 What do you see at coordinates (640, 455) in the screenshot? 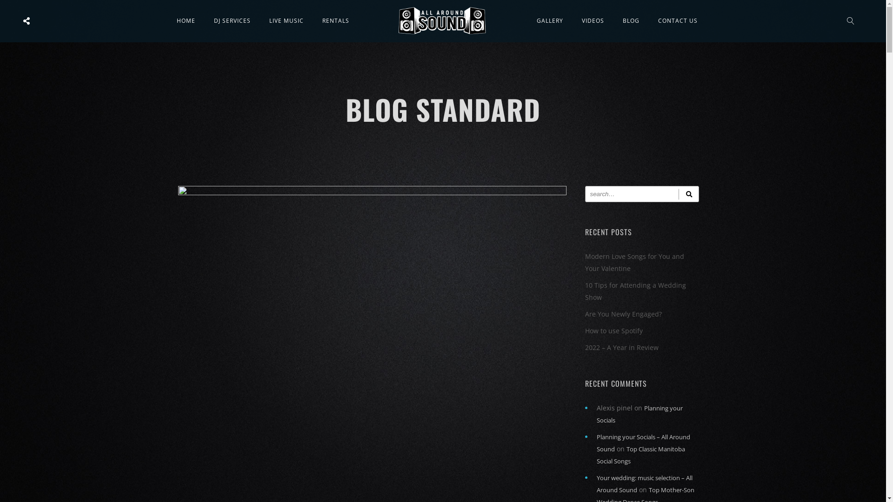
I see `'Top Classic Manitoba Social Songs'` at bounding box center [640, 455].